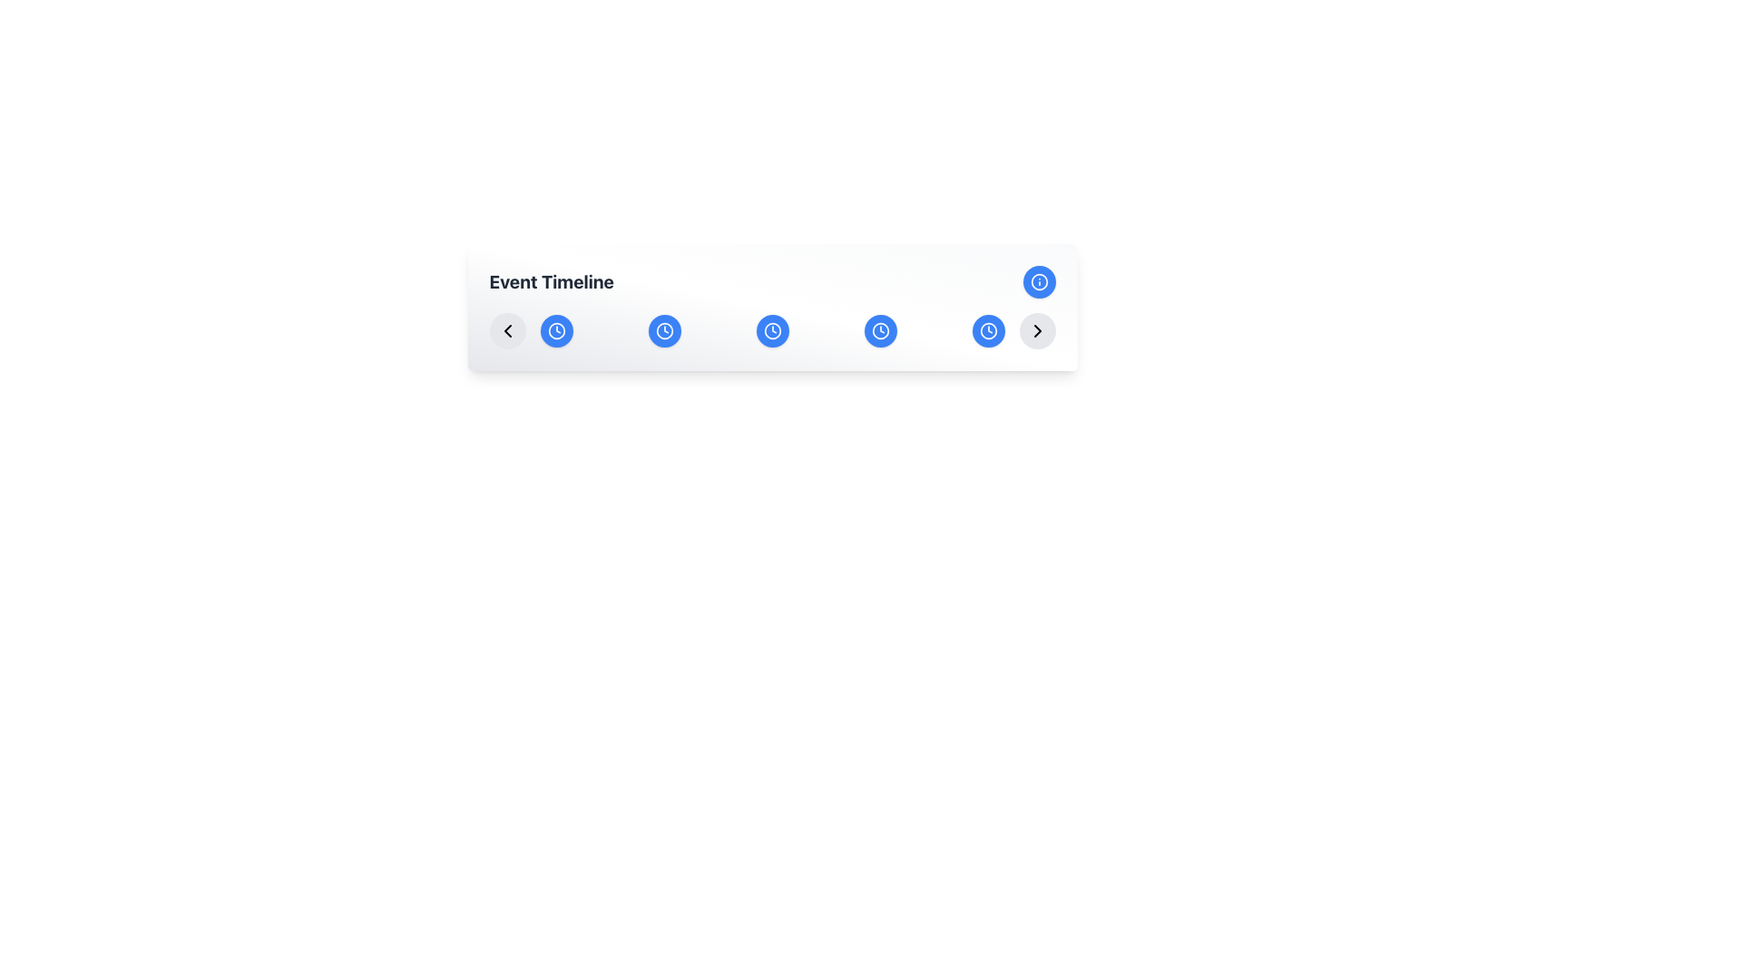 The image size is (1742, 980). Describe the element at coordinates (663, 331) in the screenshot. I see `the circular blue button with a white clock icon, the second button in the Event Timeline section` at that location.